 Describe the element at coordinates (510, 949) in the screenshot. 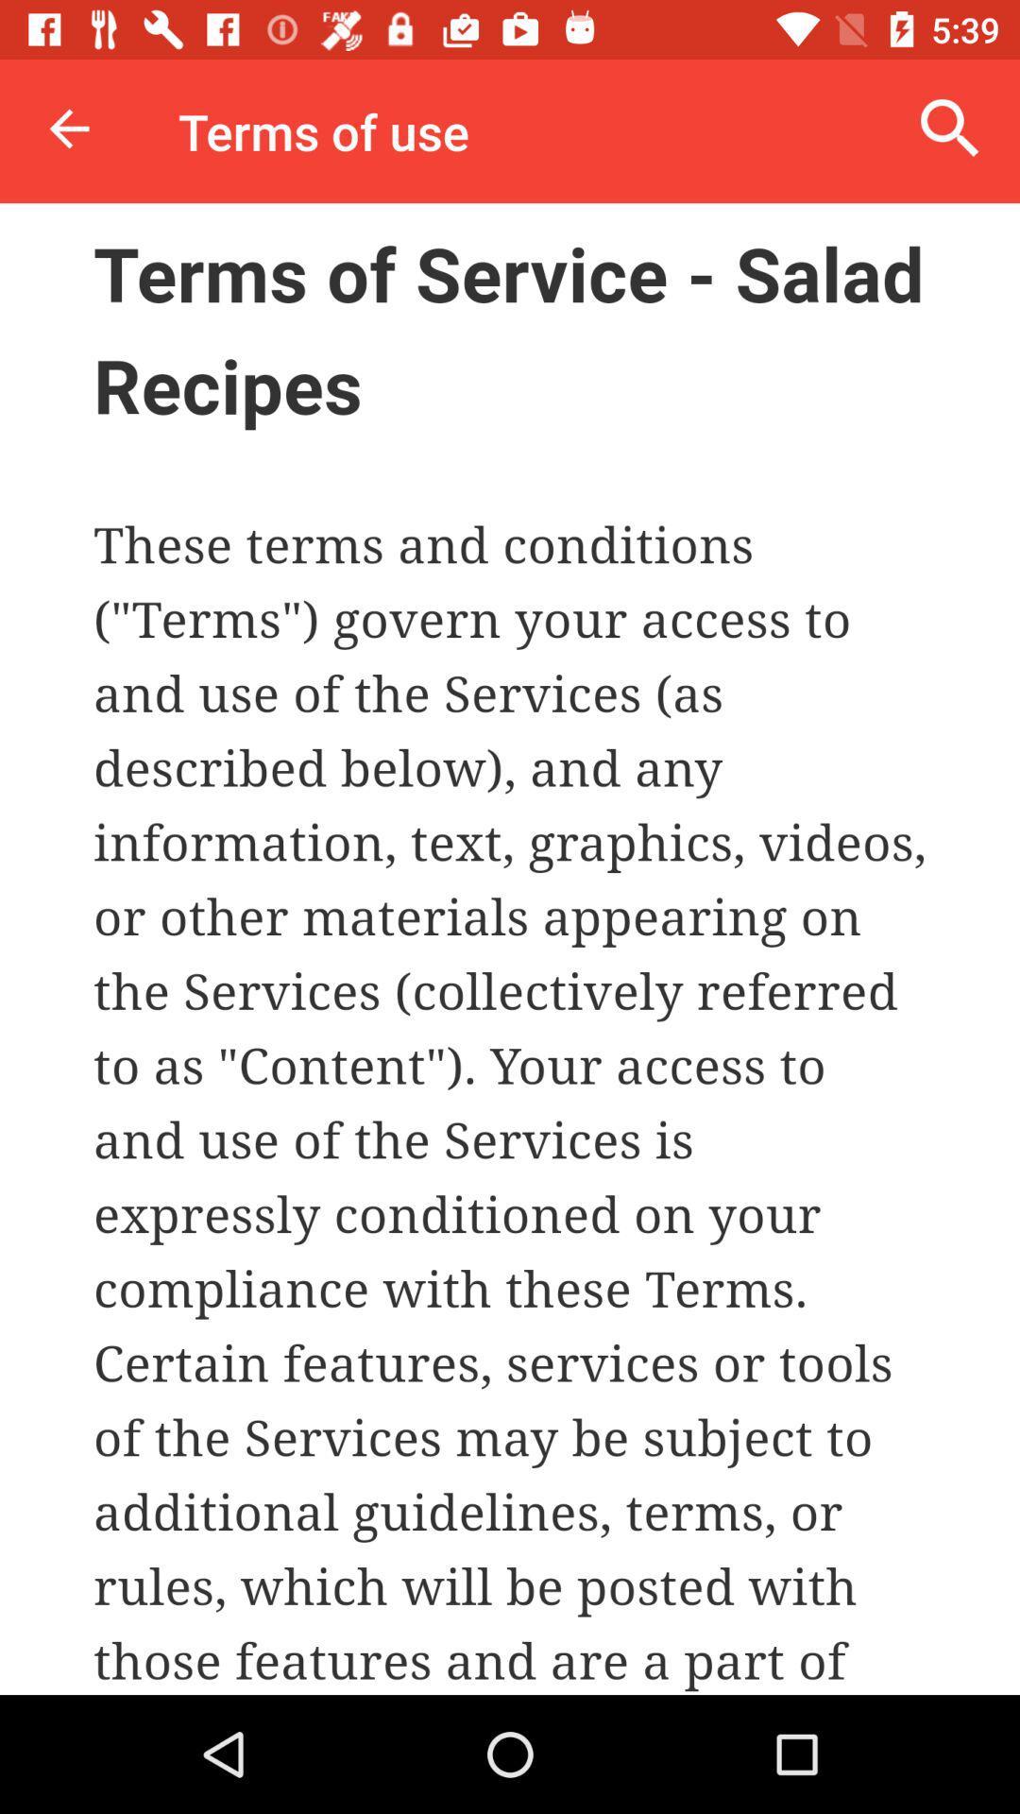

I see `main page` at that location.